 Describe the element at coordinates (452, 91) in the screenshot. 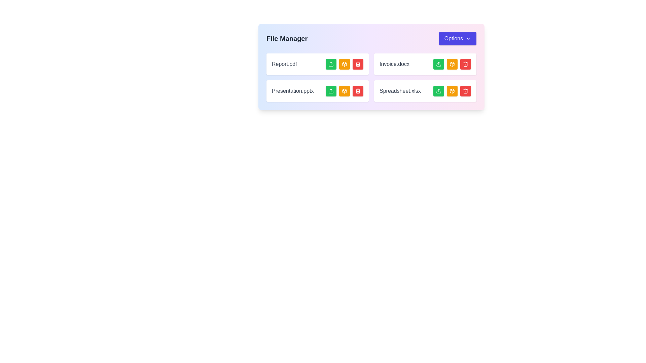

I see `the archive or package files icon located in the bottom row of action icons for 'Spreadsheet.xlsx', positioned between the upward arrow icon and the trash can icon` at that location.